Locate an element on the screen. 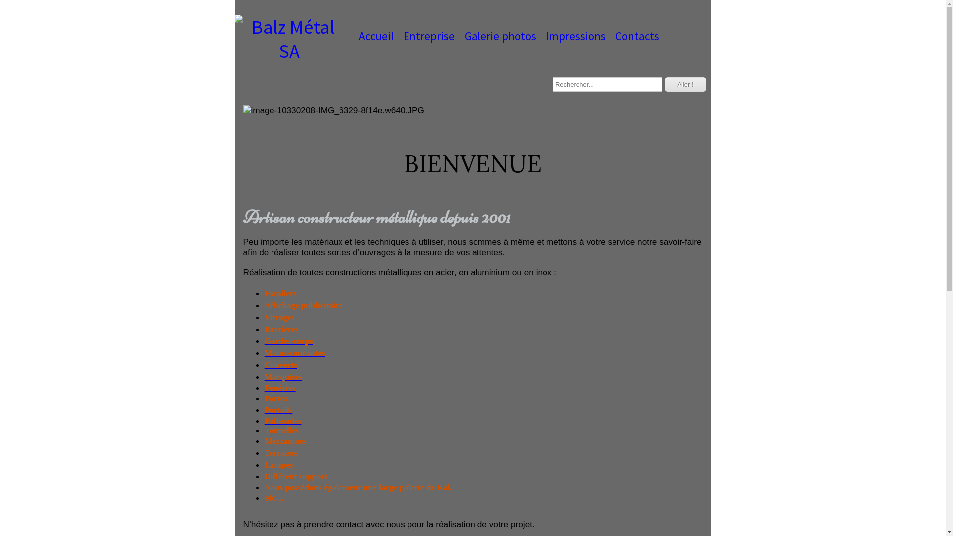  'Accueil' is located at coordinates (375, 36).